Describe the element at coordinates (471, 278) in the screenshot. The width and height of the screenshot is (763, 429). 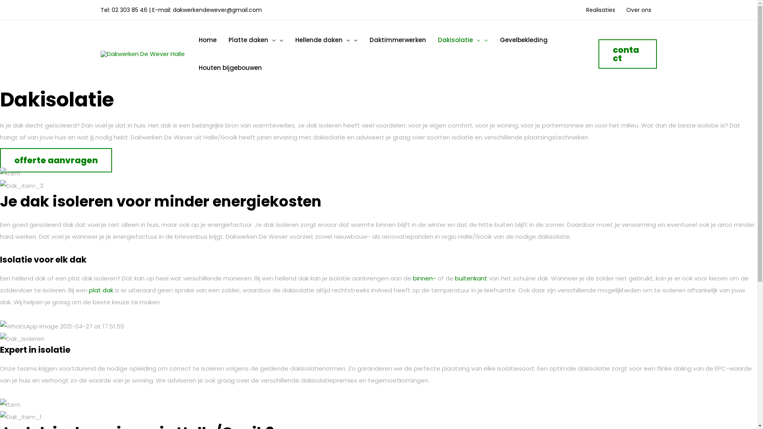
I see `'buitenkant'` at that location.